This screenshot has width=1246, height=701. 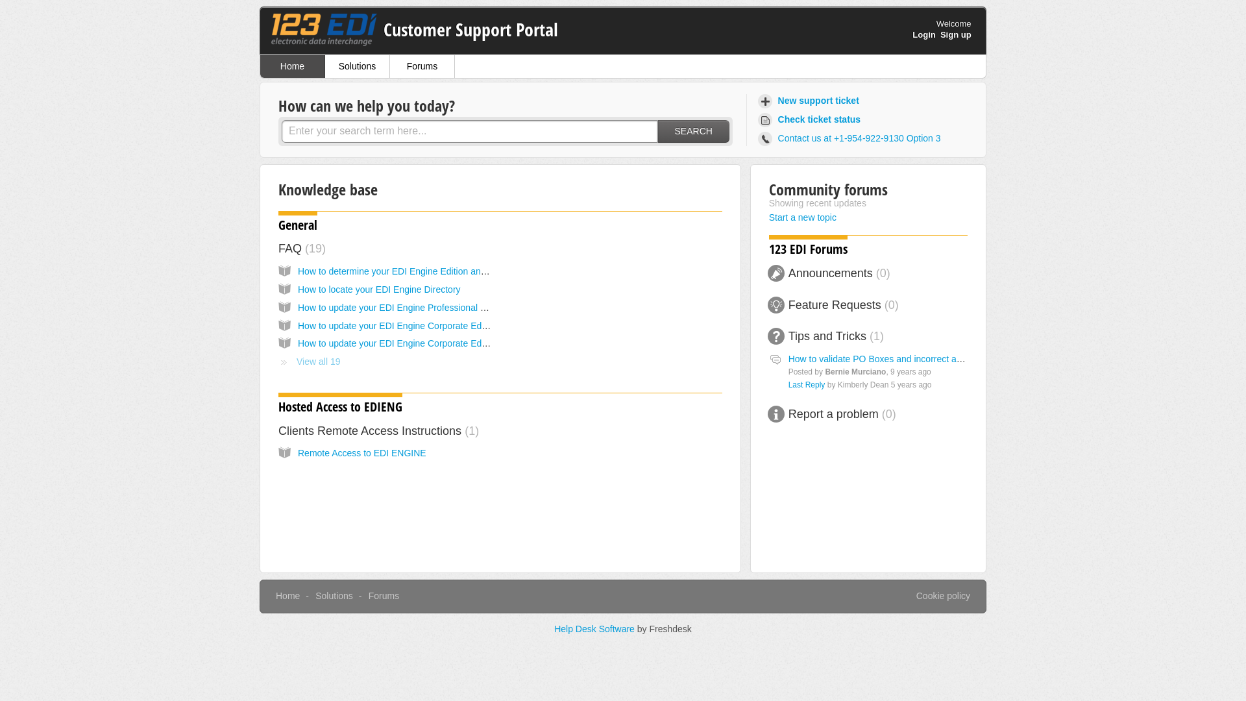 What do you see at coordinates (292, 66) in the screenshot?
I see `'Home'` at bounding box center [292, 66].